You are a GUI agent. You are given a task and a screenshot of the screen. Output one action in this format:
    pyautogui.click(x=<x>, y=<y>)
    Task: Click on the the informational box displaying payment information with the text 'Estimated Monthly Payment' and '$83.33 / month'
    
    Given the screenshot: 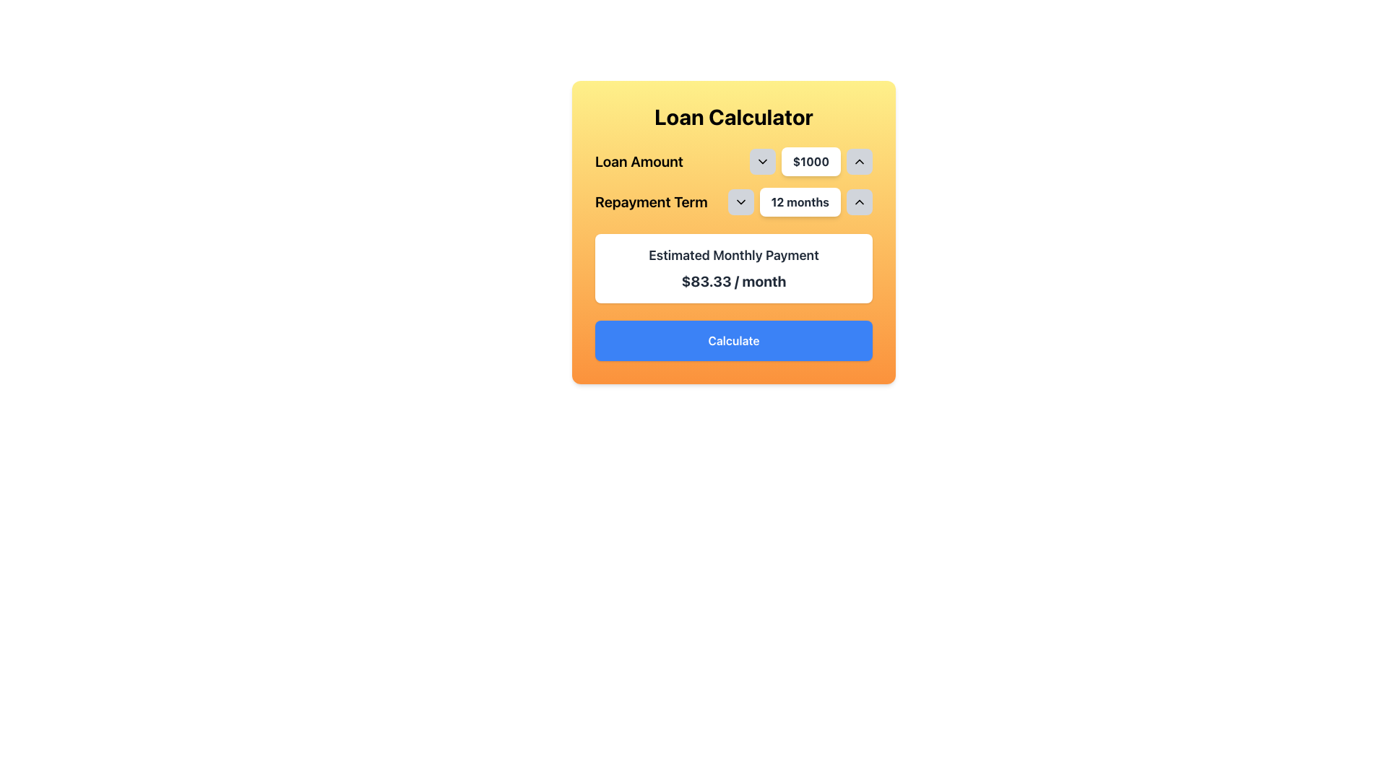 What is the action you would take?
    pyautogui.click(x=734, y=268)
    